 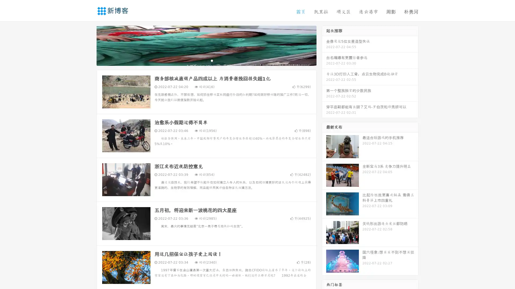 I want to click on Next slide, so click(x=324, y=45).